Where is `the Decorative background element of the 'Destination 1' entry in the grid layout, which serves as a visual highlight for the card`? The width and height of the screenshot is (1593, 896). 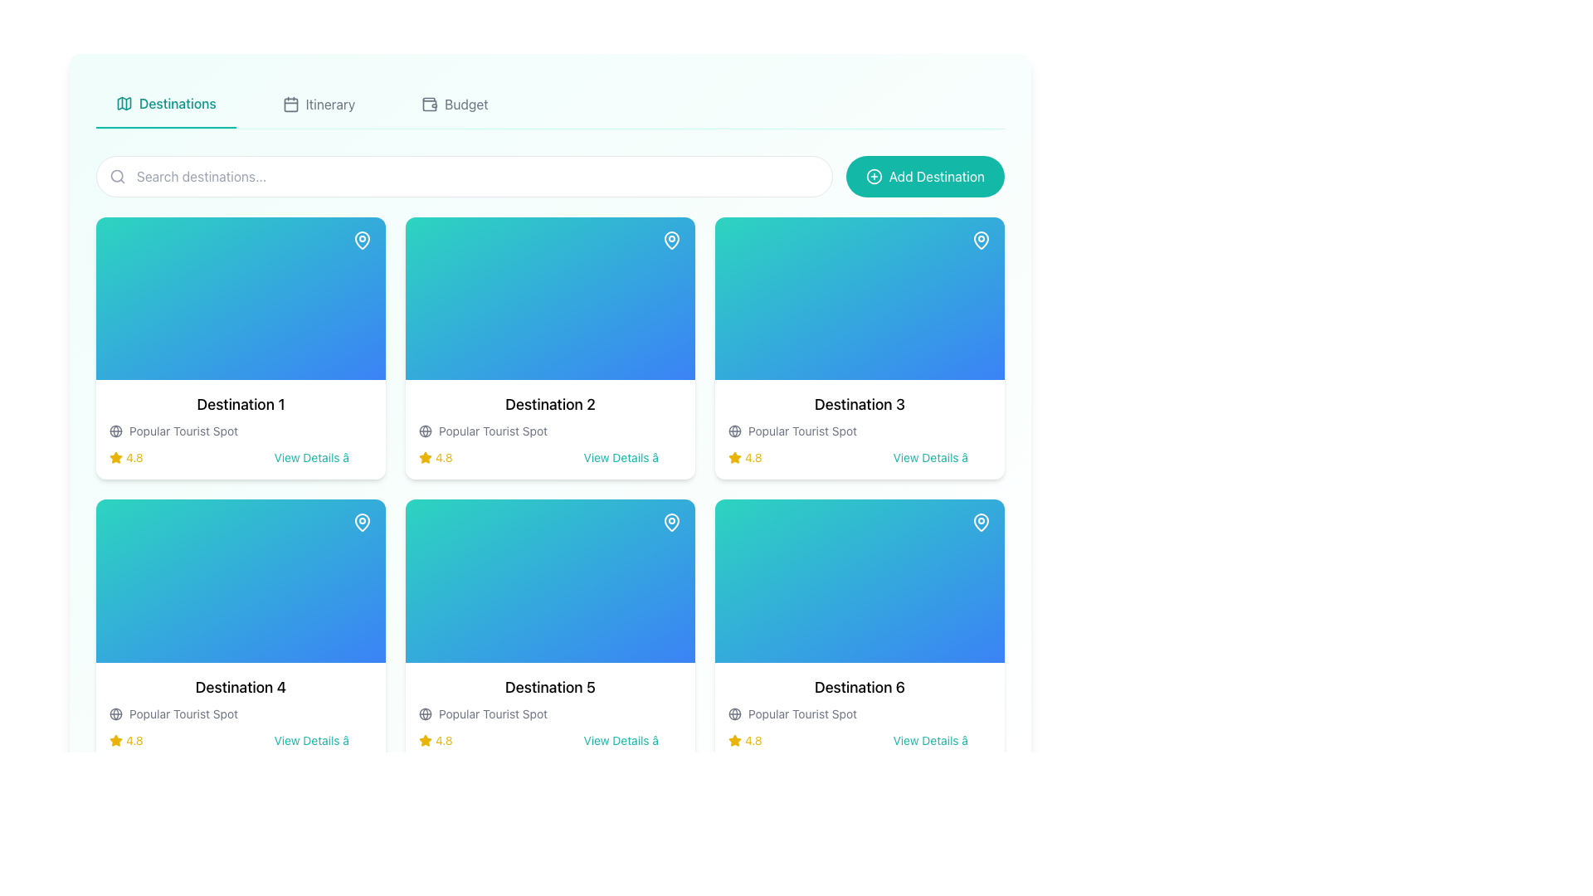
the Decorative background element of the 'Destination 1' entry in the grid layout, which serves as a visual highlight for the card is located at coordinates (240, 299).